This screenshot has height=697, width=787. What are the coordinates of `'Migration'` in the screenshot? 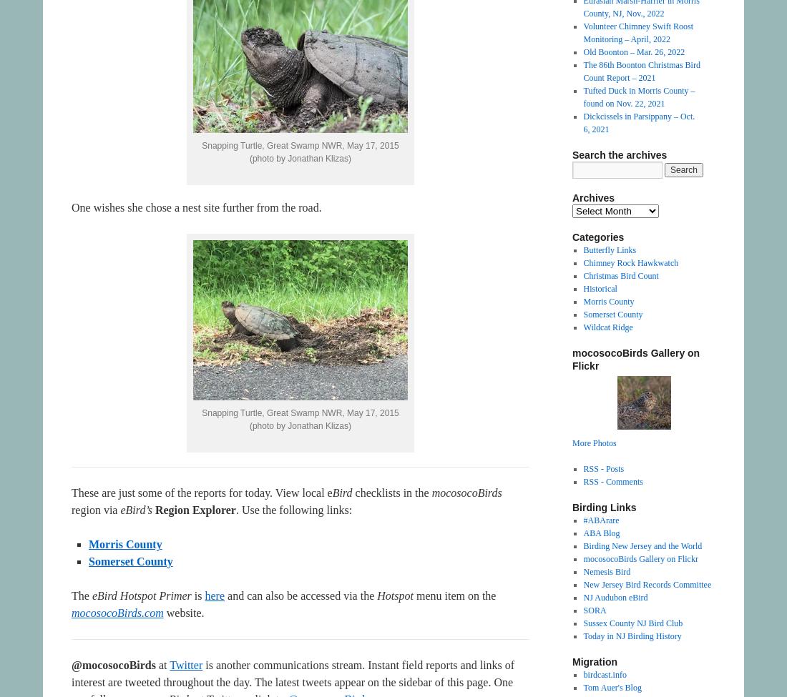 It's located at (572, 661).